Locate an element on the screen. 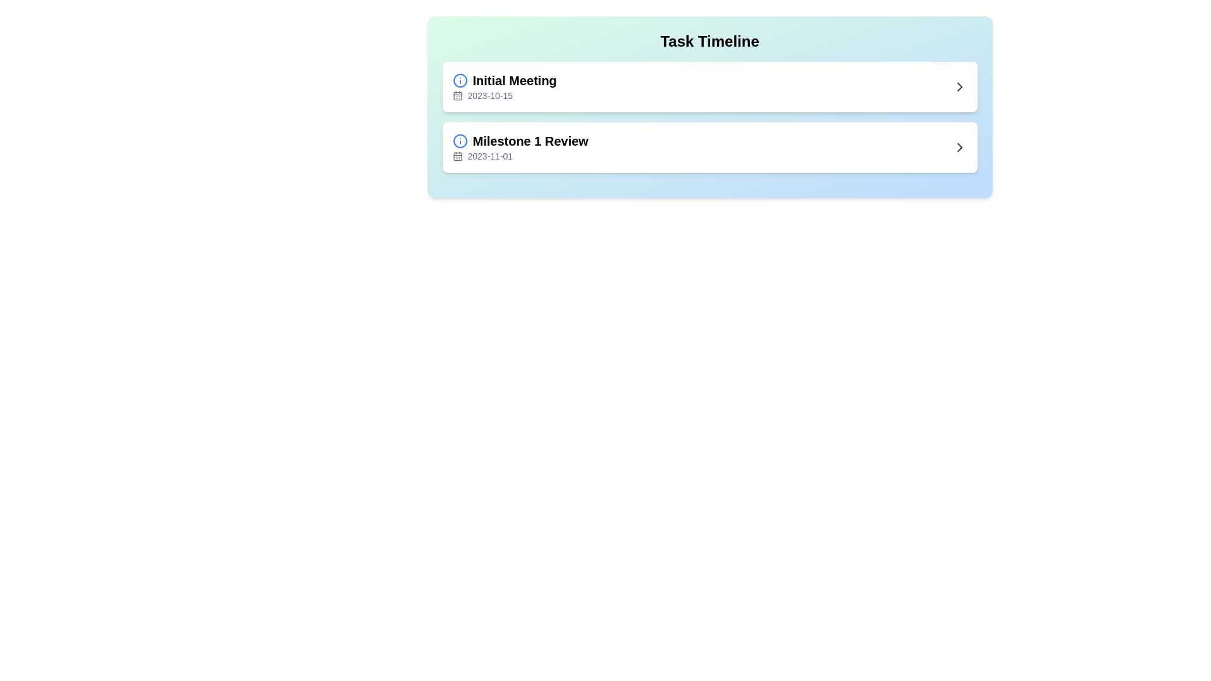 Image resolution: width=1211 pixels, height=681 pixels. the 'Initial Meeting' text label with accompanying info icon for accessibility navigation is located at coordinates (505, 80).